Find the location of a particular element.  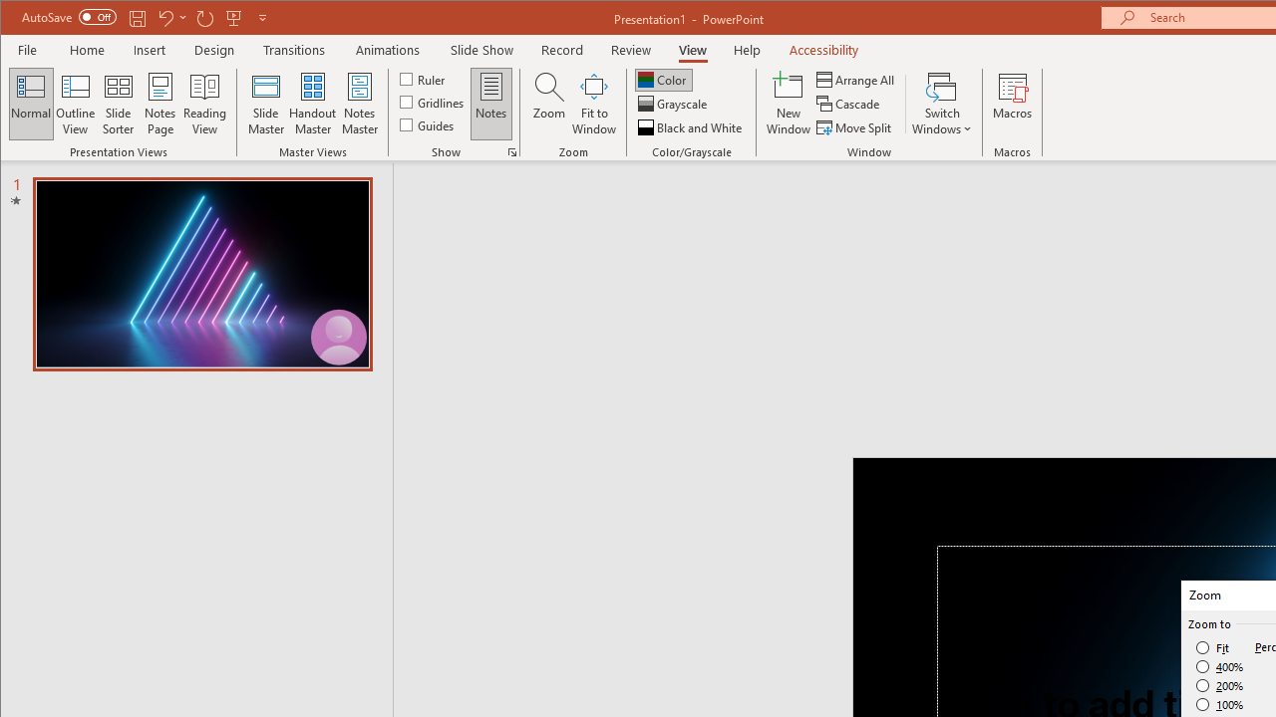

'Color' is located at coordinates (664, 79).